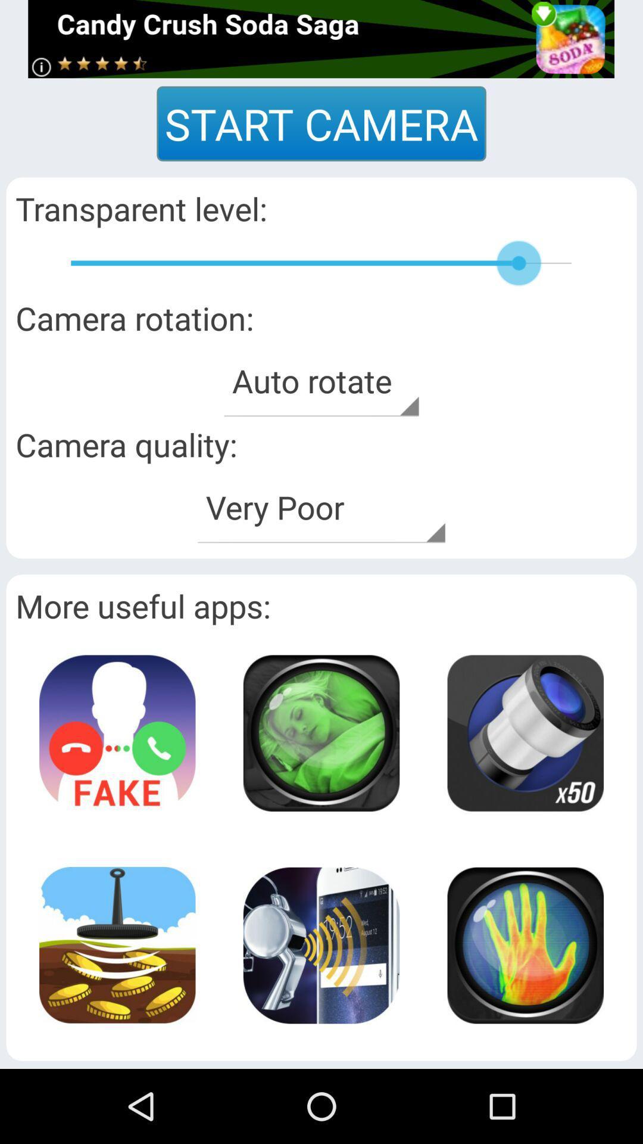 This screenshot has width=643, height=1144. I want to click on speaker box, so click(525, 944).